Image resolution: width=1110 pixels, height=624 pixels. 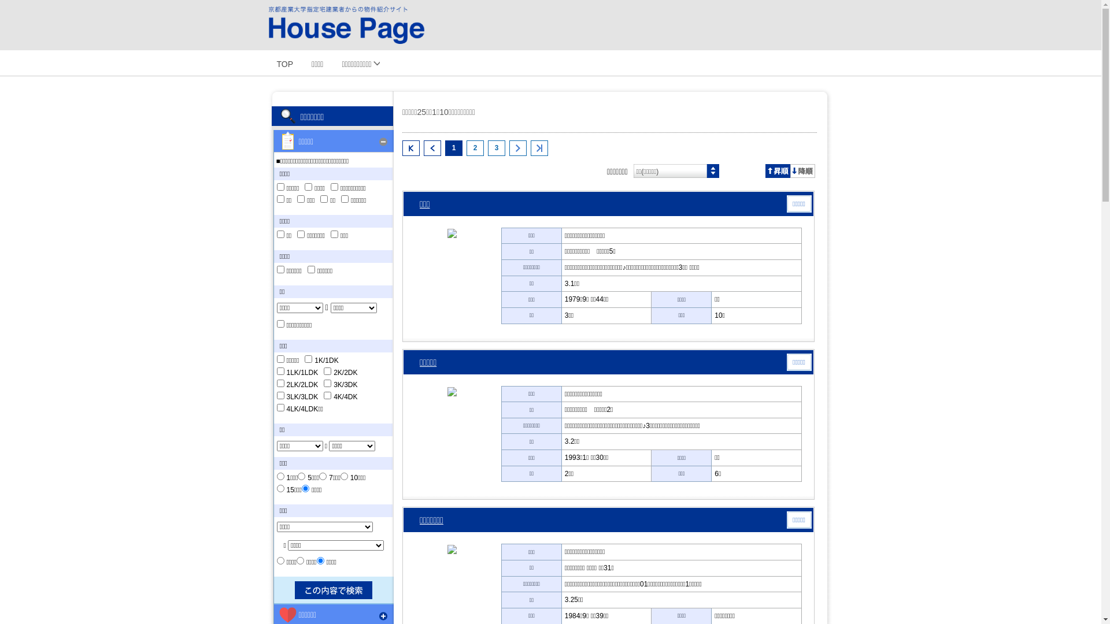 I want to click on 'TOP', so click(x=284, y=62).